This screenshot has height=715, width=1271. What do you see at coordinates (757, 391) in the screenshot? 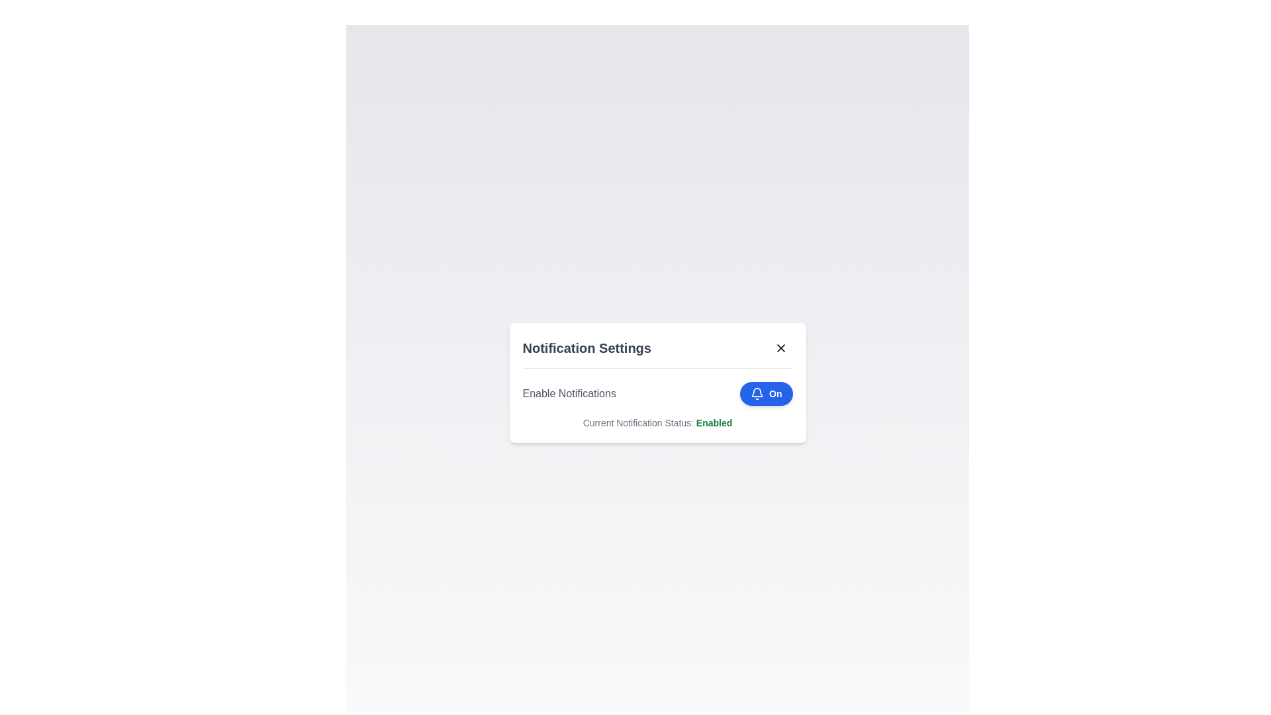
I see `the bell-shaped notification icon located near the middle-right of the notification settings dialog, right beside the 'On' toggle` at bounding box center [757, 391].